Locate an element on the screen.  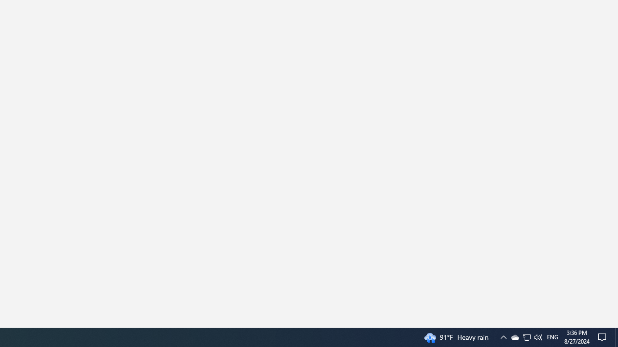
'Show desktop' is located at coordinates (616, 336).